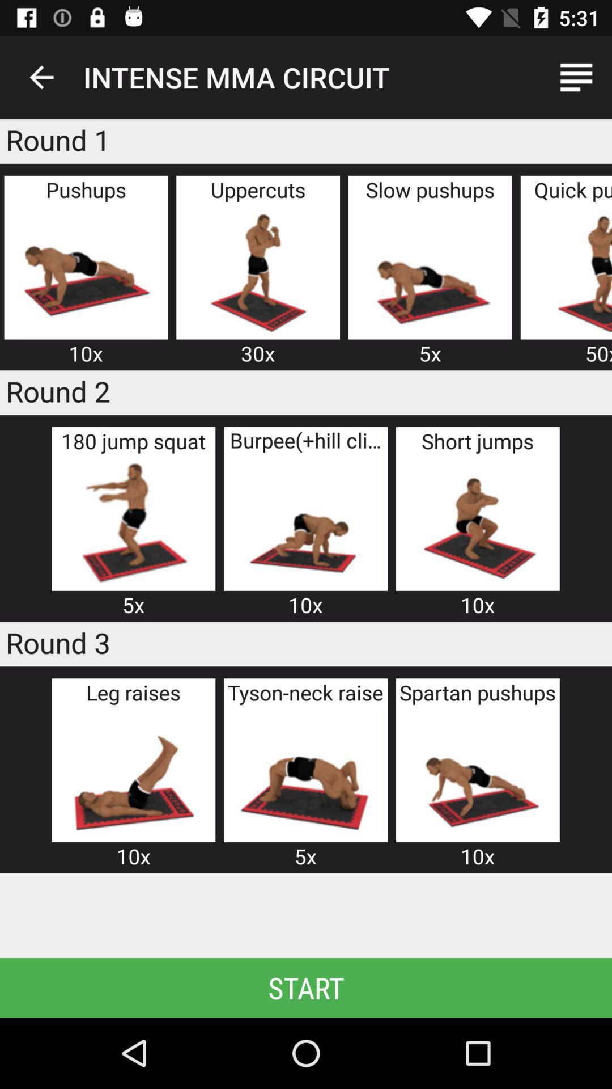 The height and width of the screenshot is (1089, 612). I want to click on there are 3 rounds in which they are trying to explain the way of doing exercises in 3 rounds, so click(133, 773).